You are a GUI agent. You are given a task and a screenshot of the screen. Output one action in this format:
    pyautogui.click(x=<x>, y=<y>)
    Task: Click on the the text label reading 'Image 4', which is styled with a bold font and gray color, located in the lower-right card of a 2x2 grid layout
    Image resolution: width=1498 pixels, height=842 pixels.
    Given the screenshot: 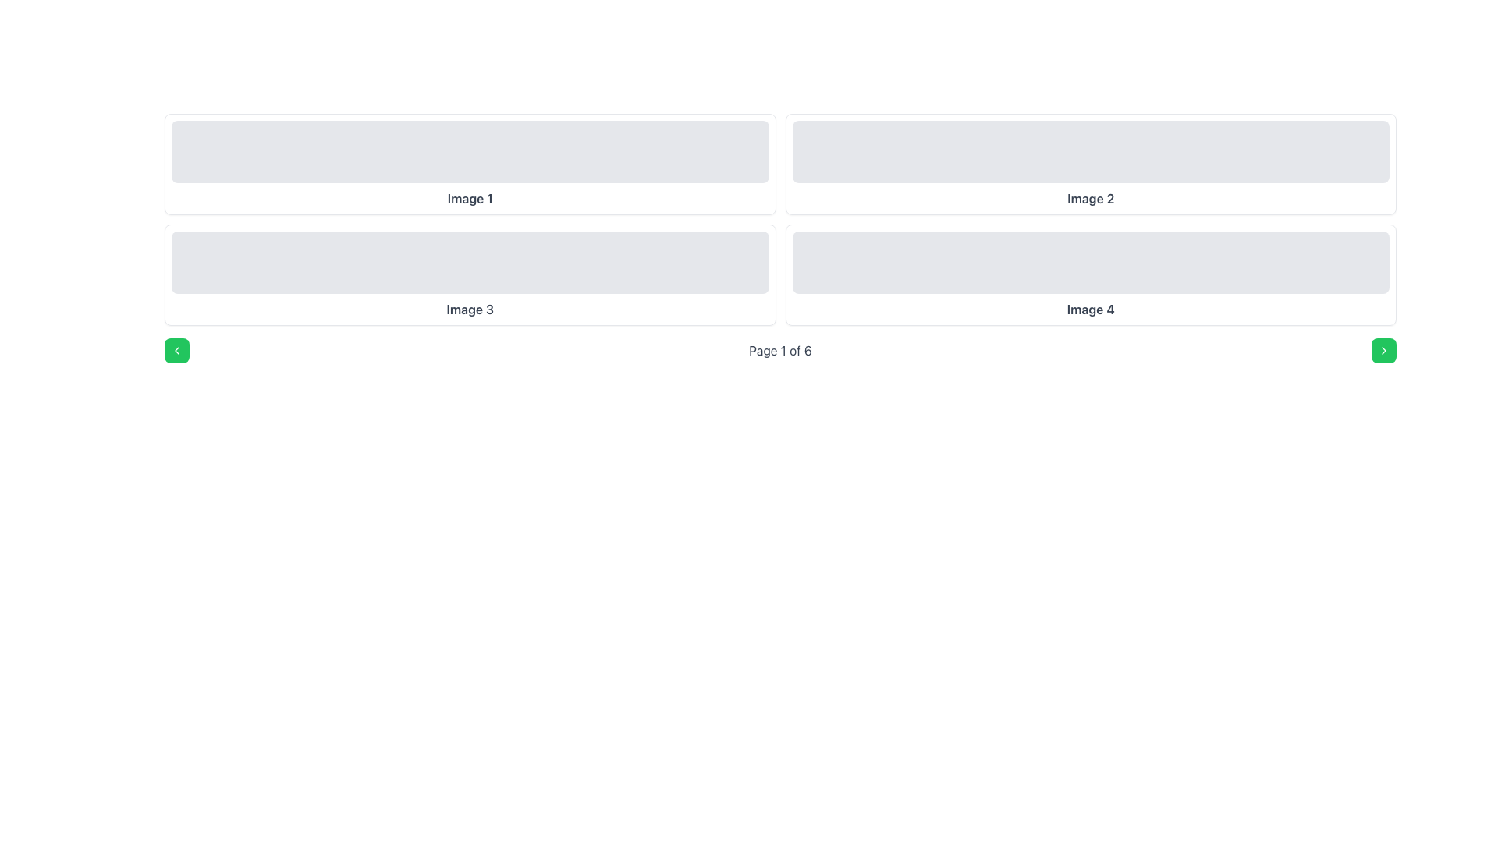 What is the action you would take?
    pyautogui.click(x=1090, y=310)
    